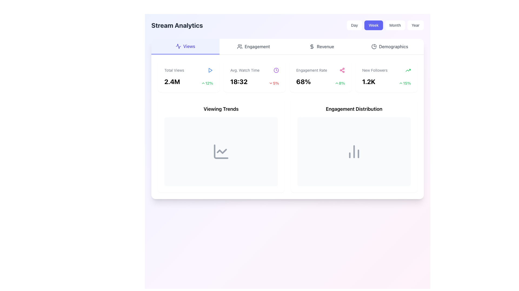 The height and width of the screenshot is (291, 519). Describe the element at coordinates (238, 82) in the screenshot. I see `the static text displaying the time '18:32', which is bold, large-sized, and part of the 'Avg. Watch Time' section in the second card layout` at that location.